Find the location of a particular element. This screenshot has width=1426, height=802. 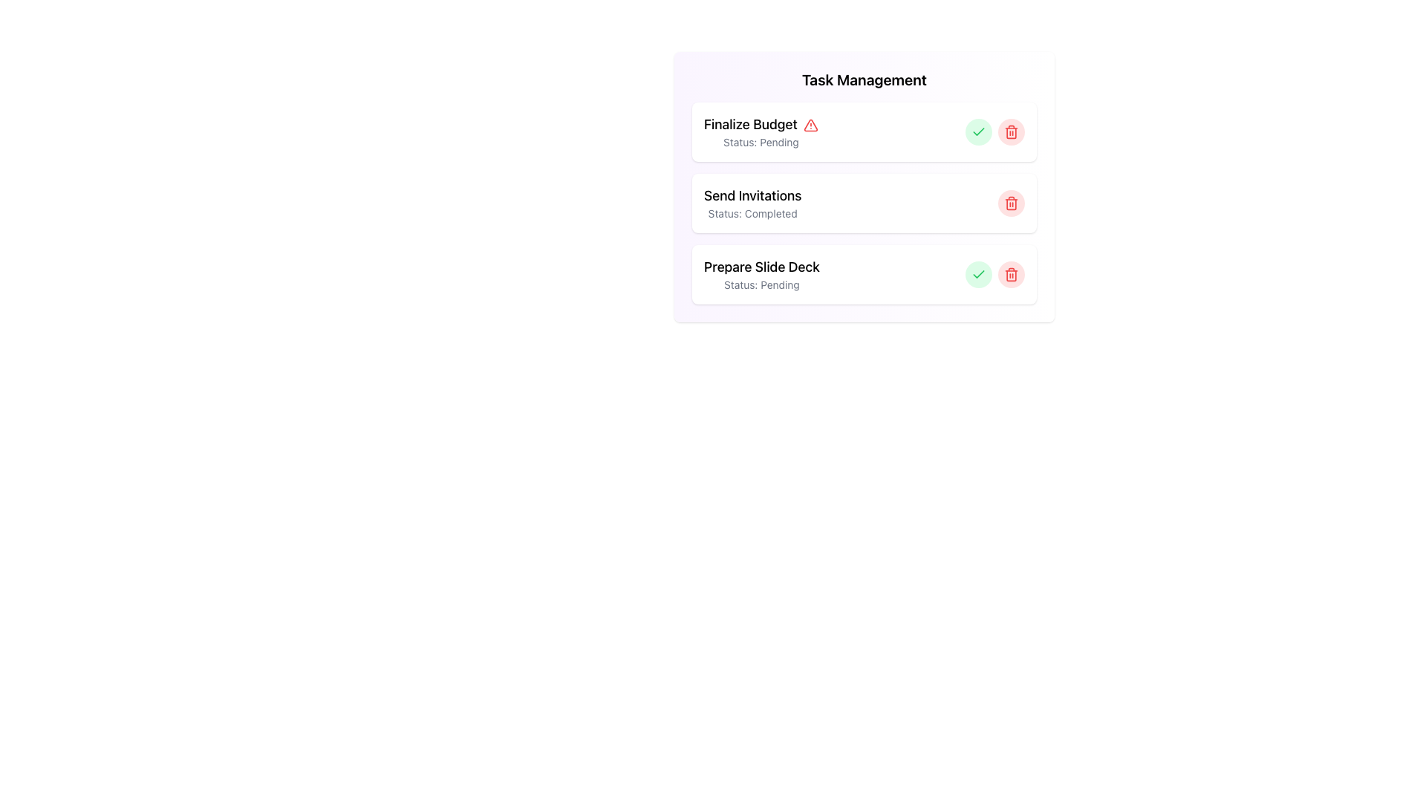

the delete button located to the right of the 'Finalize Budget' task entry in the Task Management section is located at coordinates (1011, 131).